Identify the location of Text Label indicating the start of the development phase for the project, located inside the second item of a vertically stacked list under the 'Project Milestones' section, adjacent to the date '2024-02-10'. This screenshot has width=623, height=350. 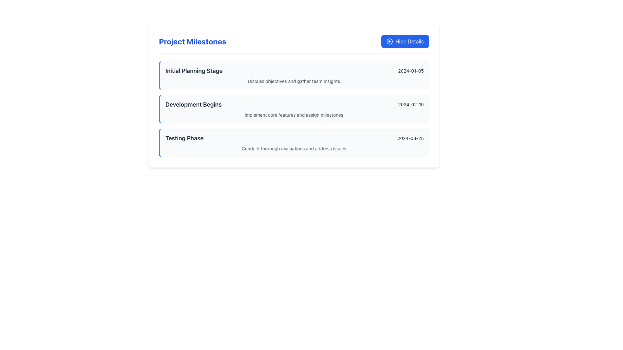
(193, 104).